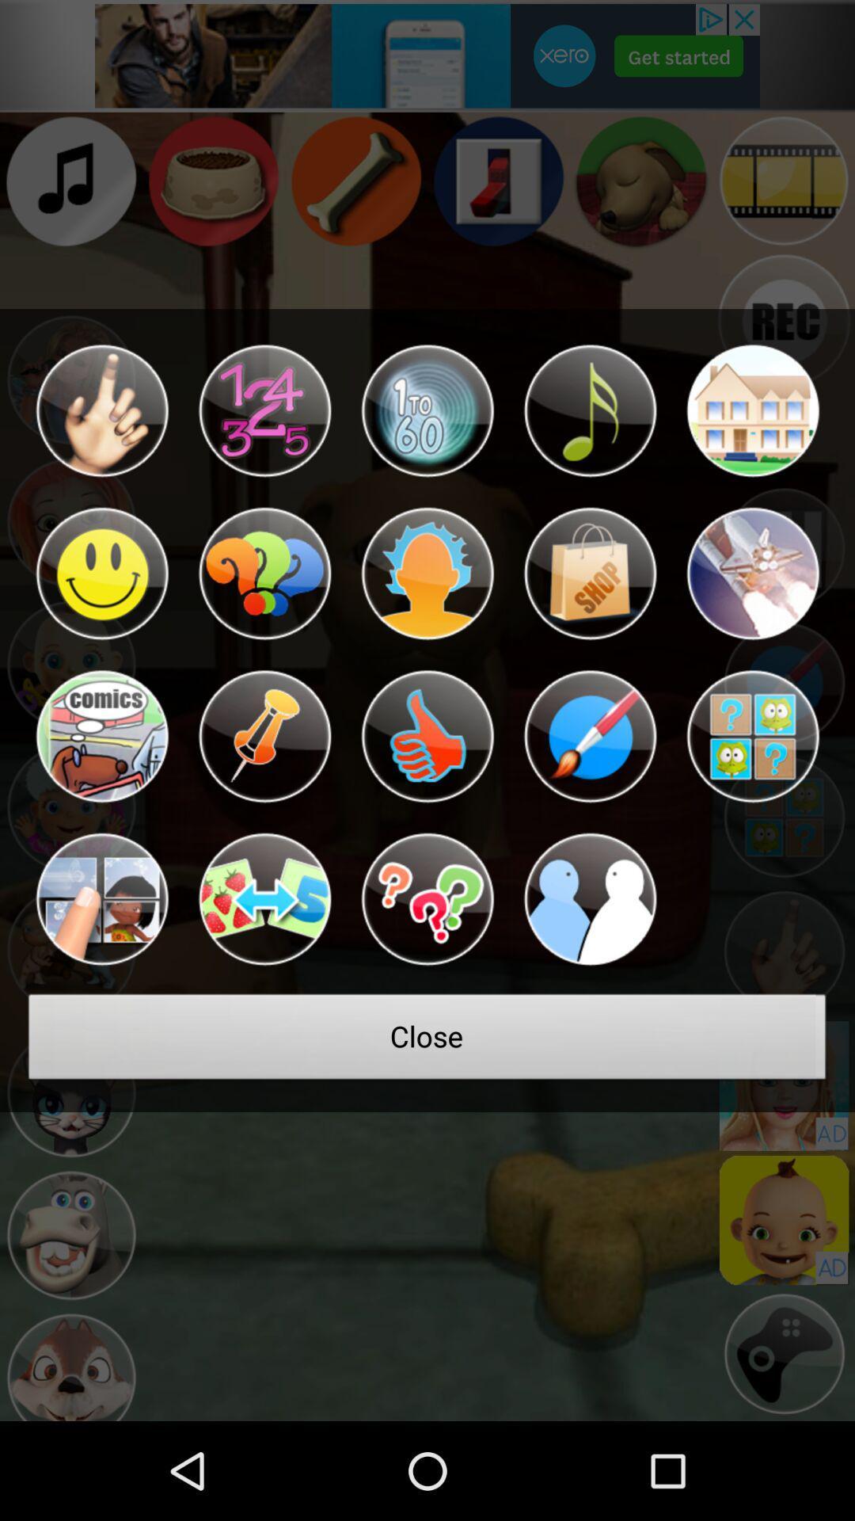 Image resolution: width=855 pixels, height=1521 pixels. Describe the element at coordinates (752, 440) in the screenshot. I see `the home icon` at that location.